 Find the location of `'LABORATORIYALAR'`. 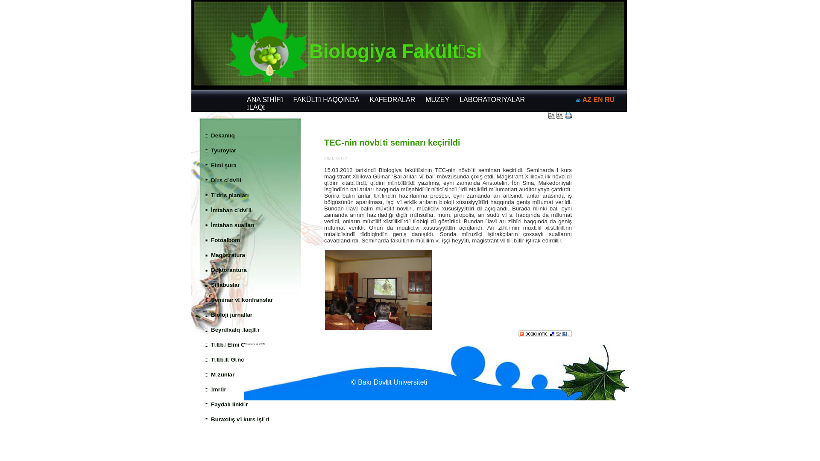

'LABORATORIYALAR' is located at coordinates (492, 99).